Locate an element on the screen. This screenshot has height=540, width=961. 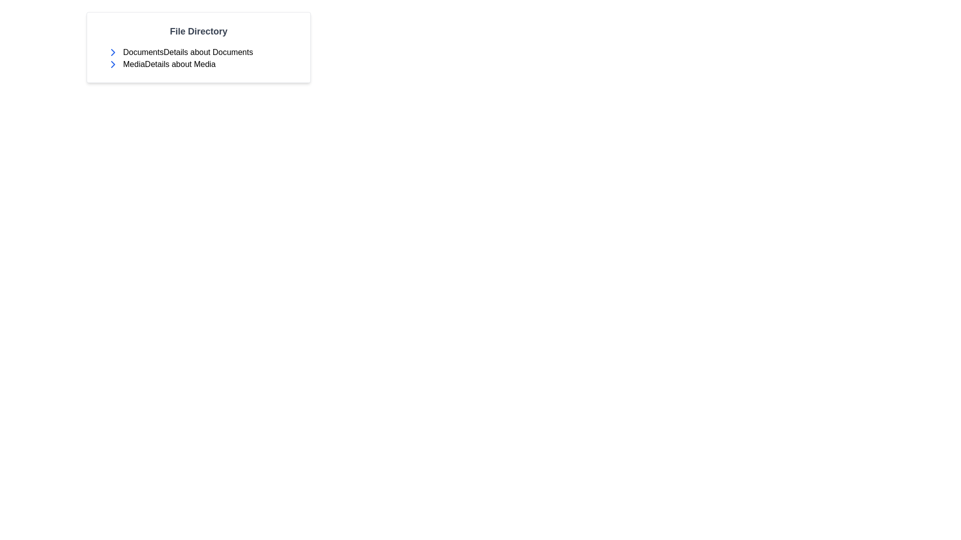
the text label displaying 'MediaDetails about Media' is located at coordinates (169, 64).